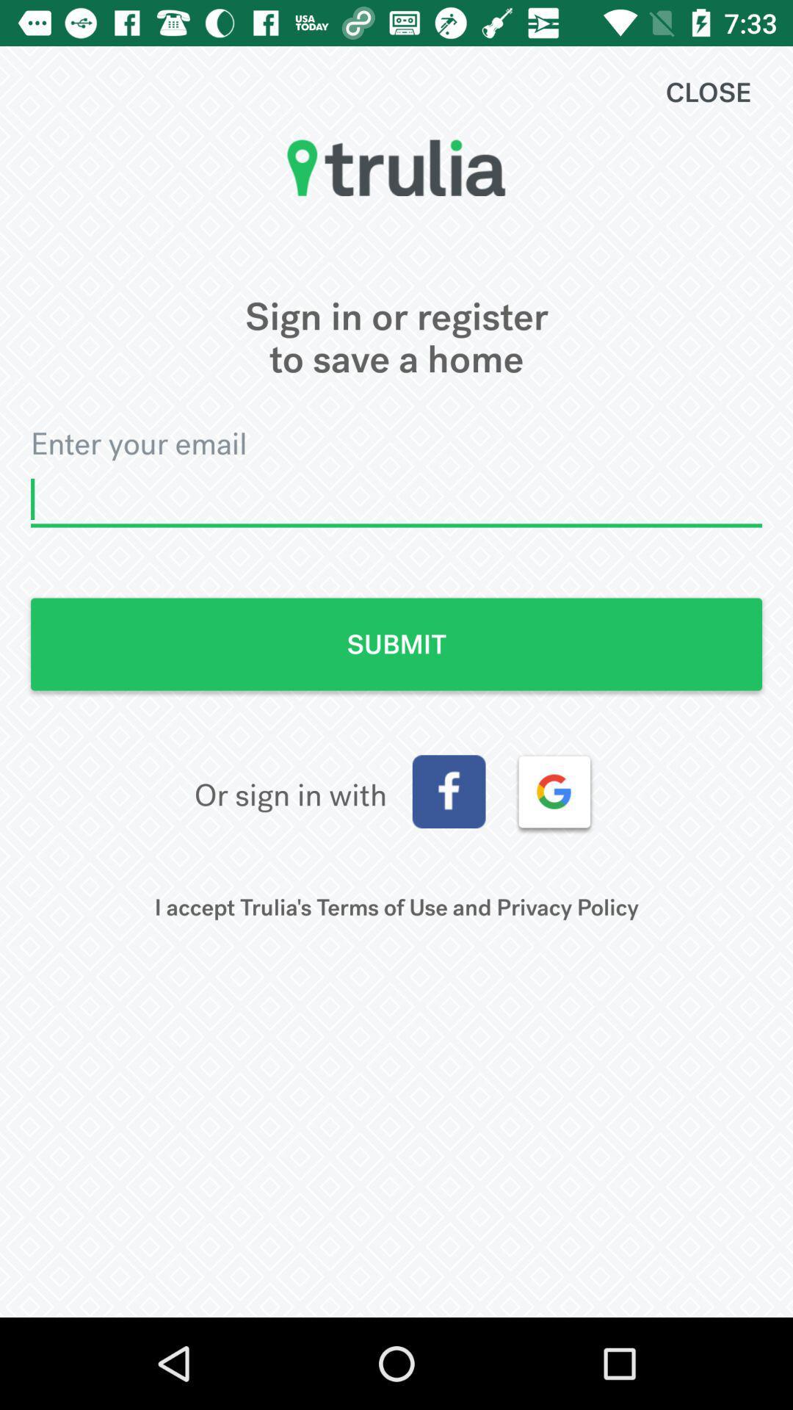  What do you see at coordinates (448, 791) in the screenshot?
I see `open sign in with facebook` at bounding box center [448, 791].